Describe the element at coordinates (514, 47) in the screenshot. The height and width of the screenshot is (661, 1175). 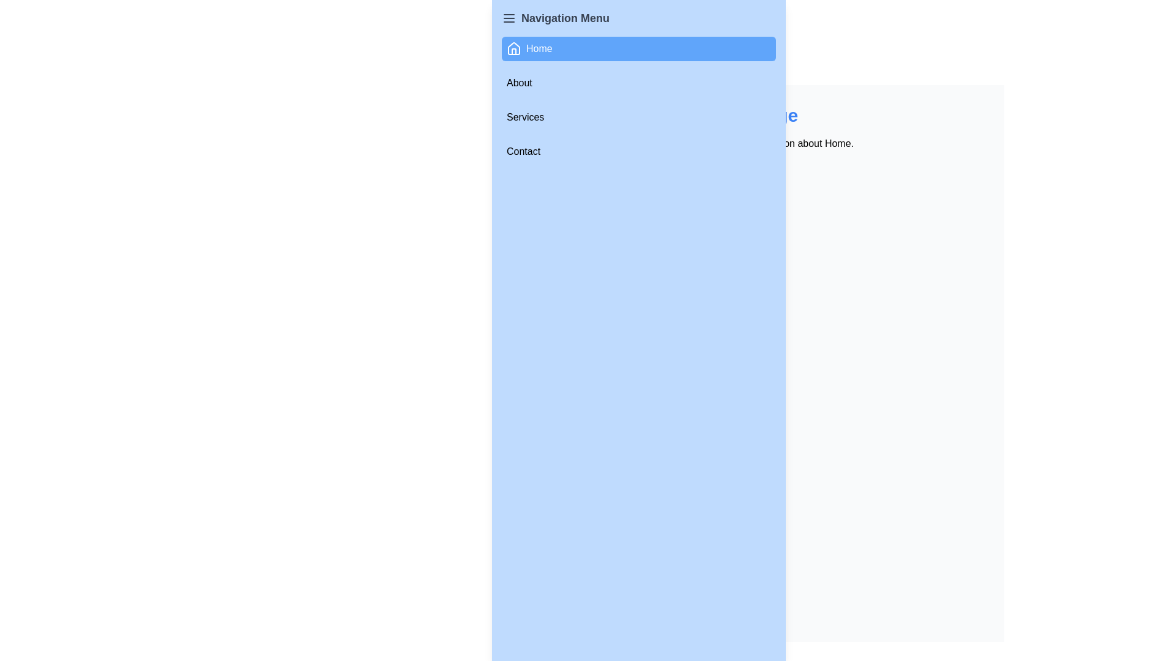
I see `the house icon in the topmost item of the vertical navigation menu` at that location.